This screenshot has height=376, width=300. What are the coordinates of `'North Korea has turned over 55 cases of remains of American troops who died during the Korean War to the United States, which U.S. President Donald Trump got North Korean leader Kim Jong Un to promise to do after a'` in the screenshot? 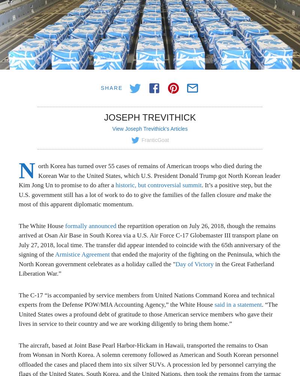 It's located at (149, 173).